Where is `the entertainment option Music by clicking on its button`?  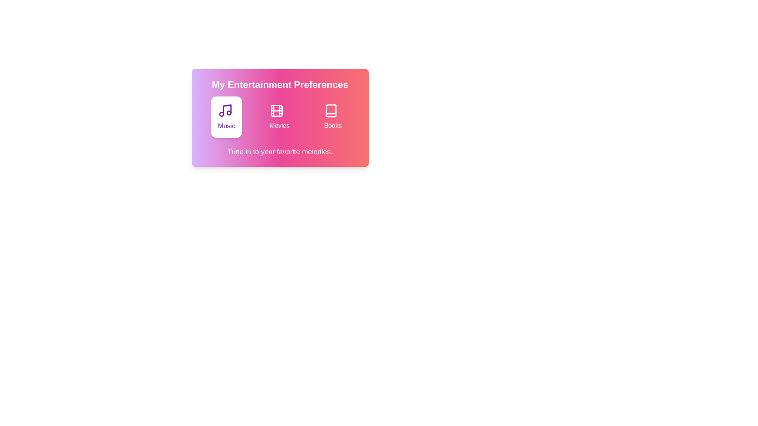 the entertainment option Music by clicking on its button is located at coordinates (226, 117).